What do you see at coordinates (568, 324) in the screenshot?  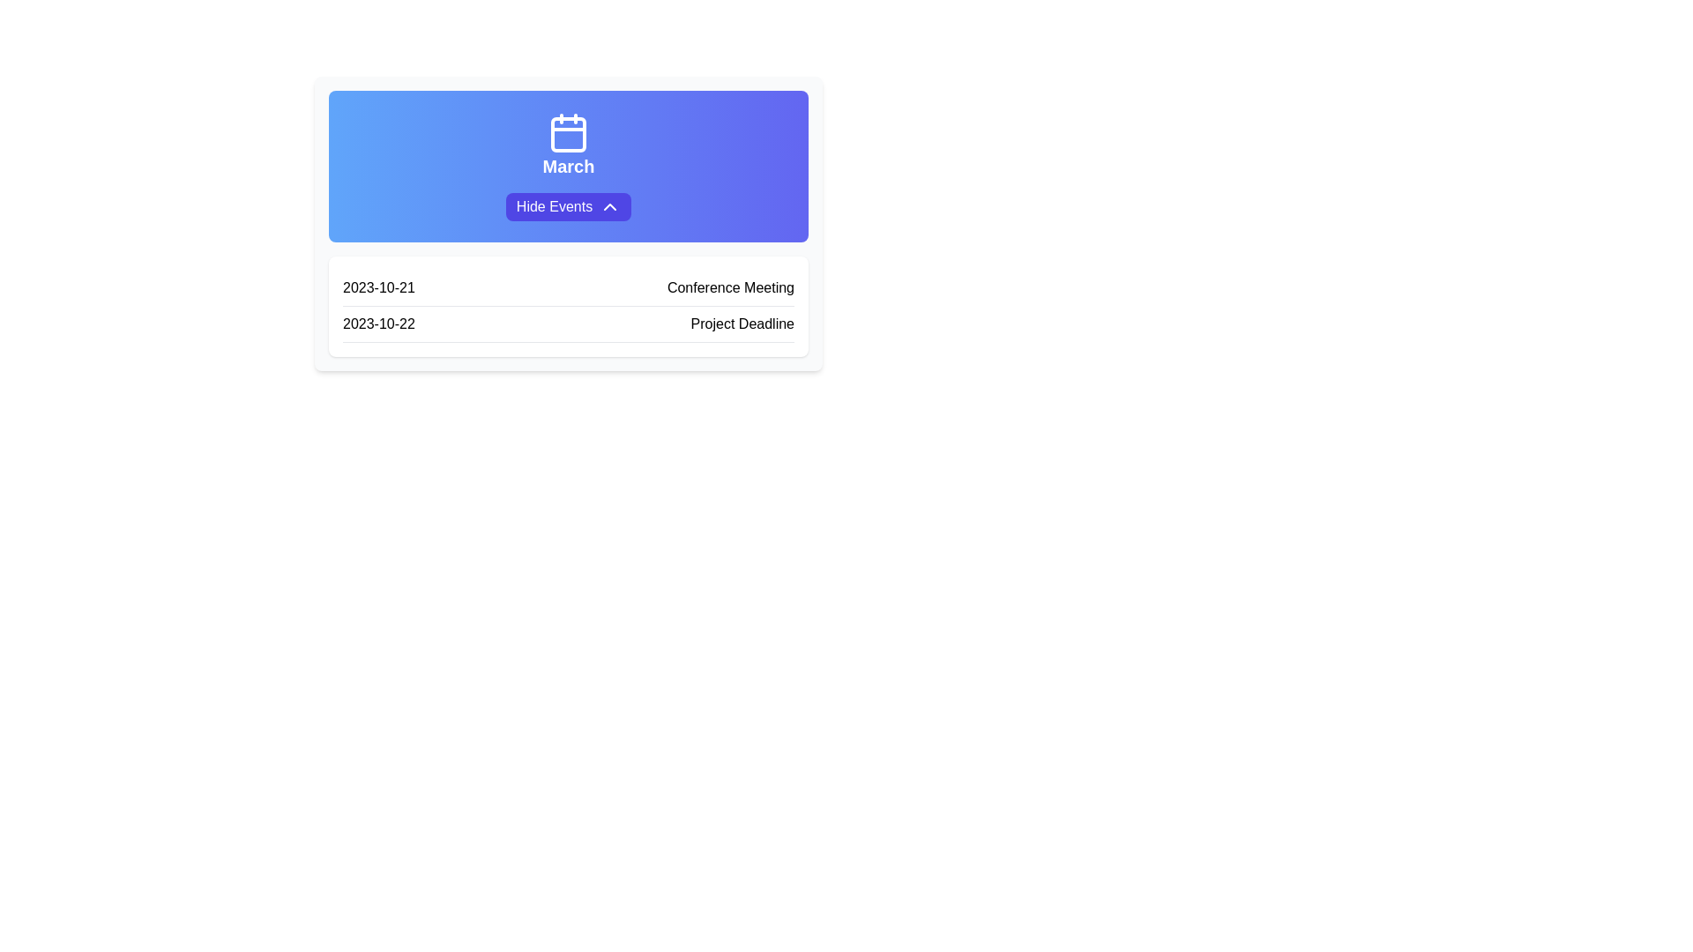 I see `the second entry in the events list containing the date '2023-10-22' and the phrase 'Project Deadline' for navigation purposes` at bounding box center [568, 324].